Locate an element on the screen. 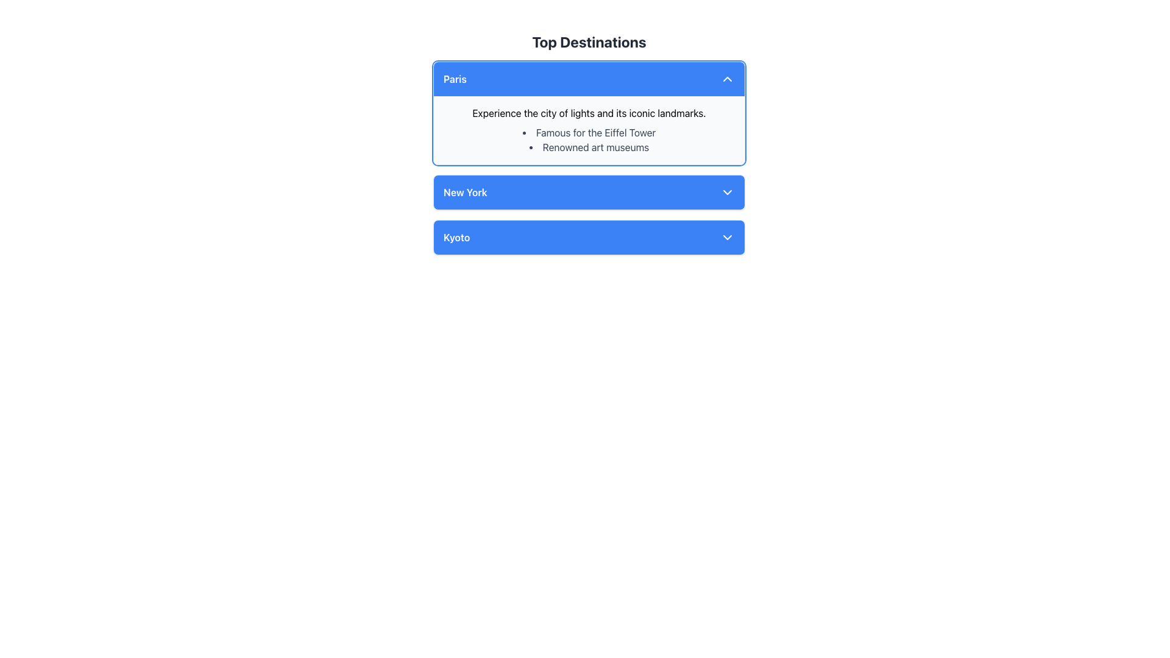 This screenshot has width=1170, height=658. the descriptive text about the "Paris" section, which is the first item in the bulleted list under the expanded dropdown is located at coordinates (589, 133).